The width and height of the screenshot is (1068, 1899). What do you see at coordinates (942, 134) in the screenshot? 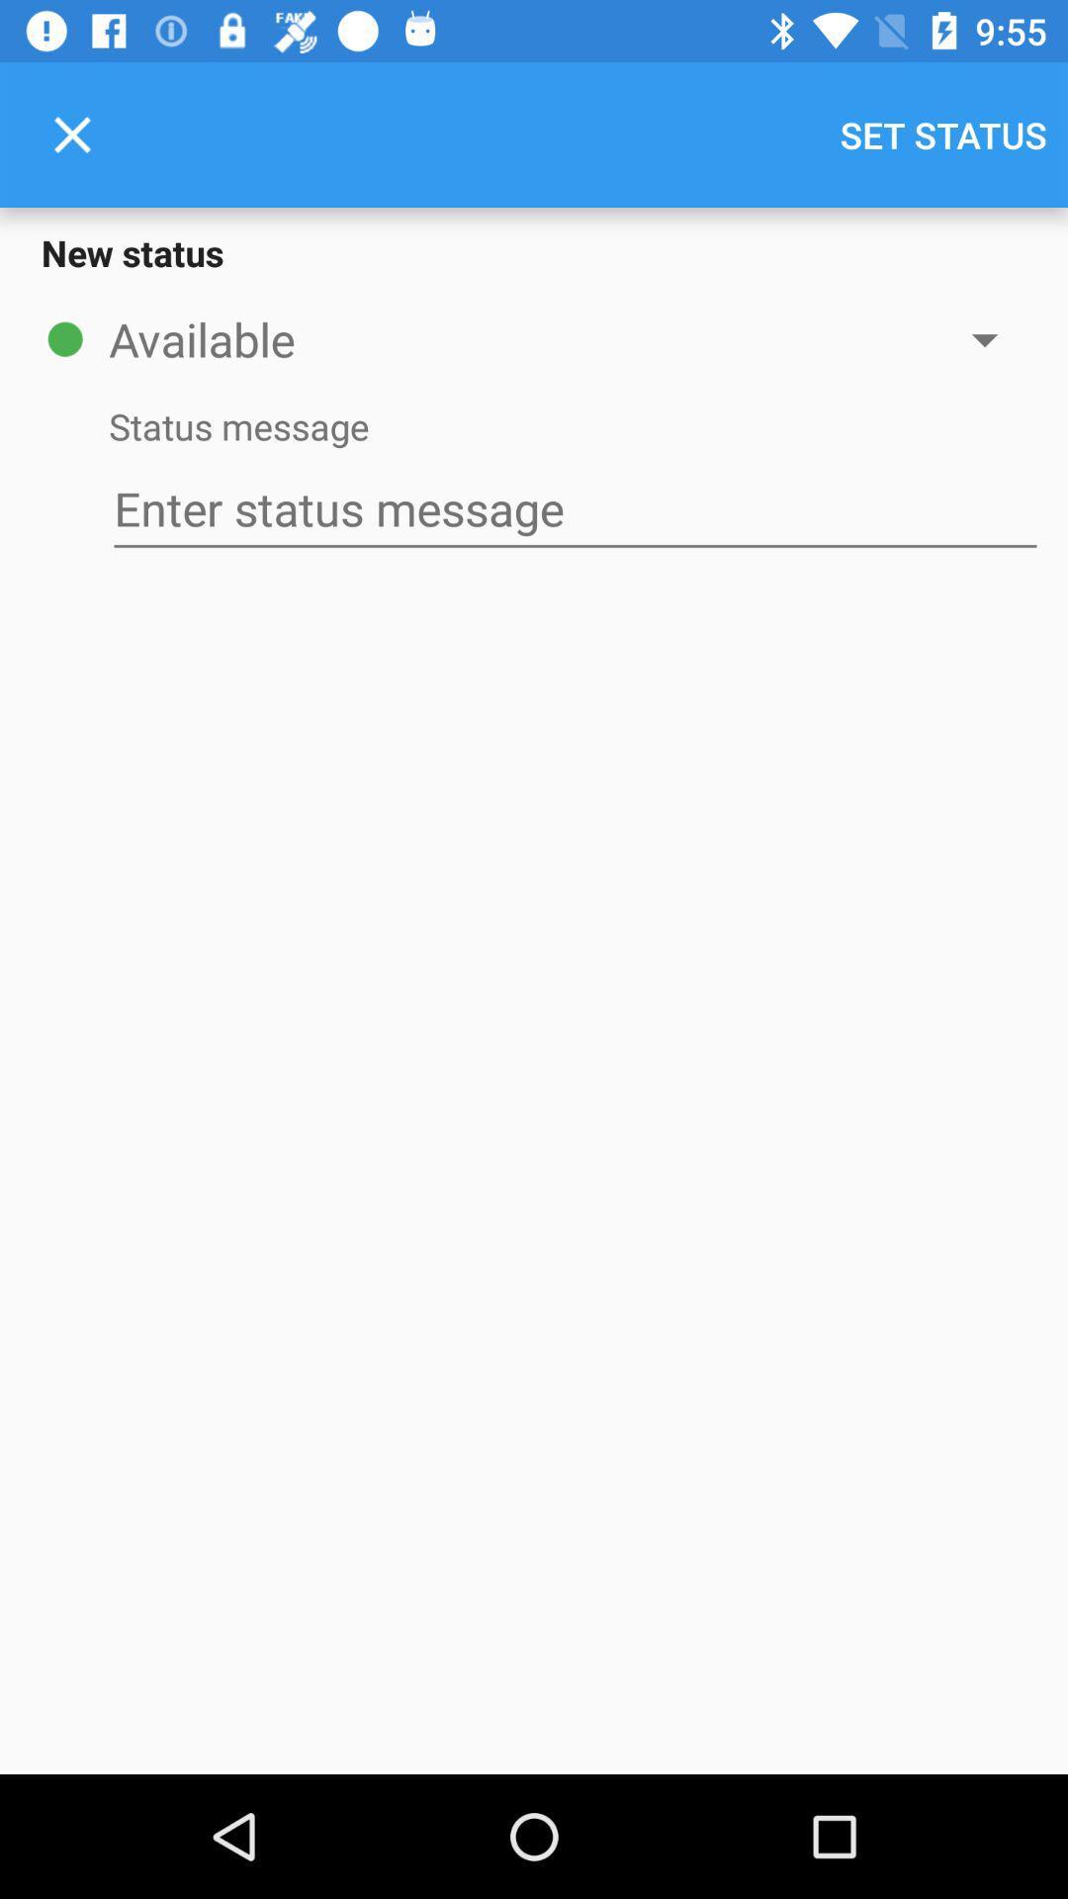
I see `the set status icon` at bounding box center [942, 134].